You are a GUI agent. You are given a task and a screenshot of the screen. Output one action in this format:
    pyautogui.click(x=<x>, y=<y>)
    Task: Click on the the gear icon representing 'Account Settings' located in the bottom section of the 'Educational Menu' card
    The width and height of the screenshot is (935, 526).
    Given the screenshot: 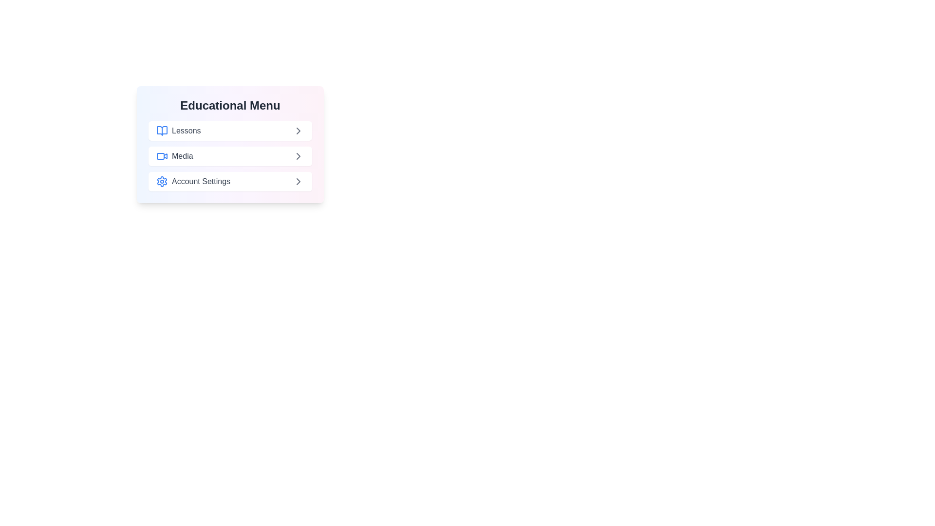 What is the action you would take?
    pyautogui.click(x=162, y=182)
    